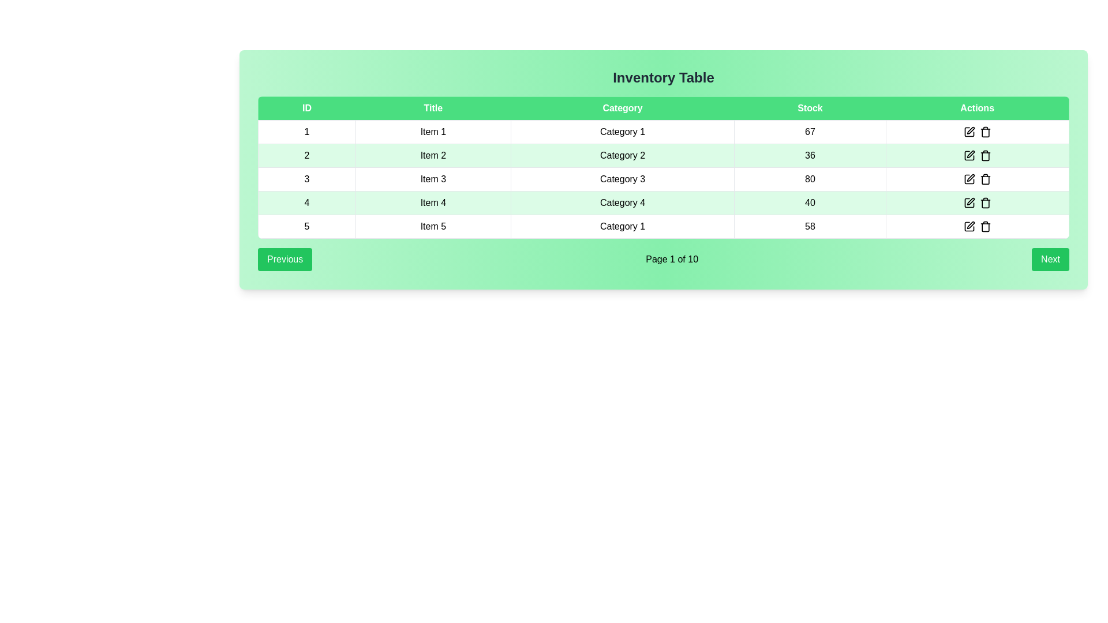  I want to click on the table cell displaying 'Category 2' in the 'Inventory Table' which is located in the third column of the second row, so click(622, 156).